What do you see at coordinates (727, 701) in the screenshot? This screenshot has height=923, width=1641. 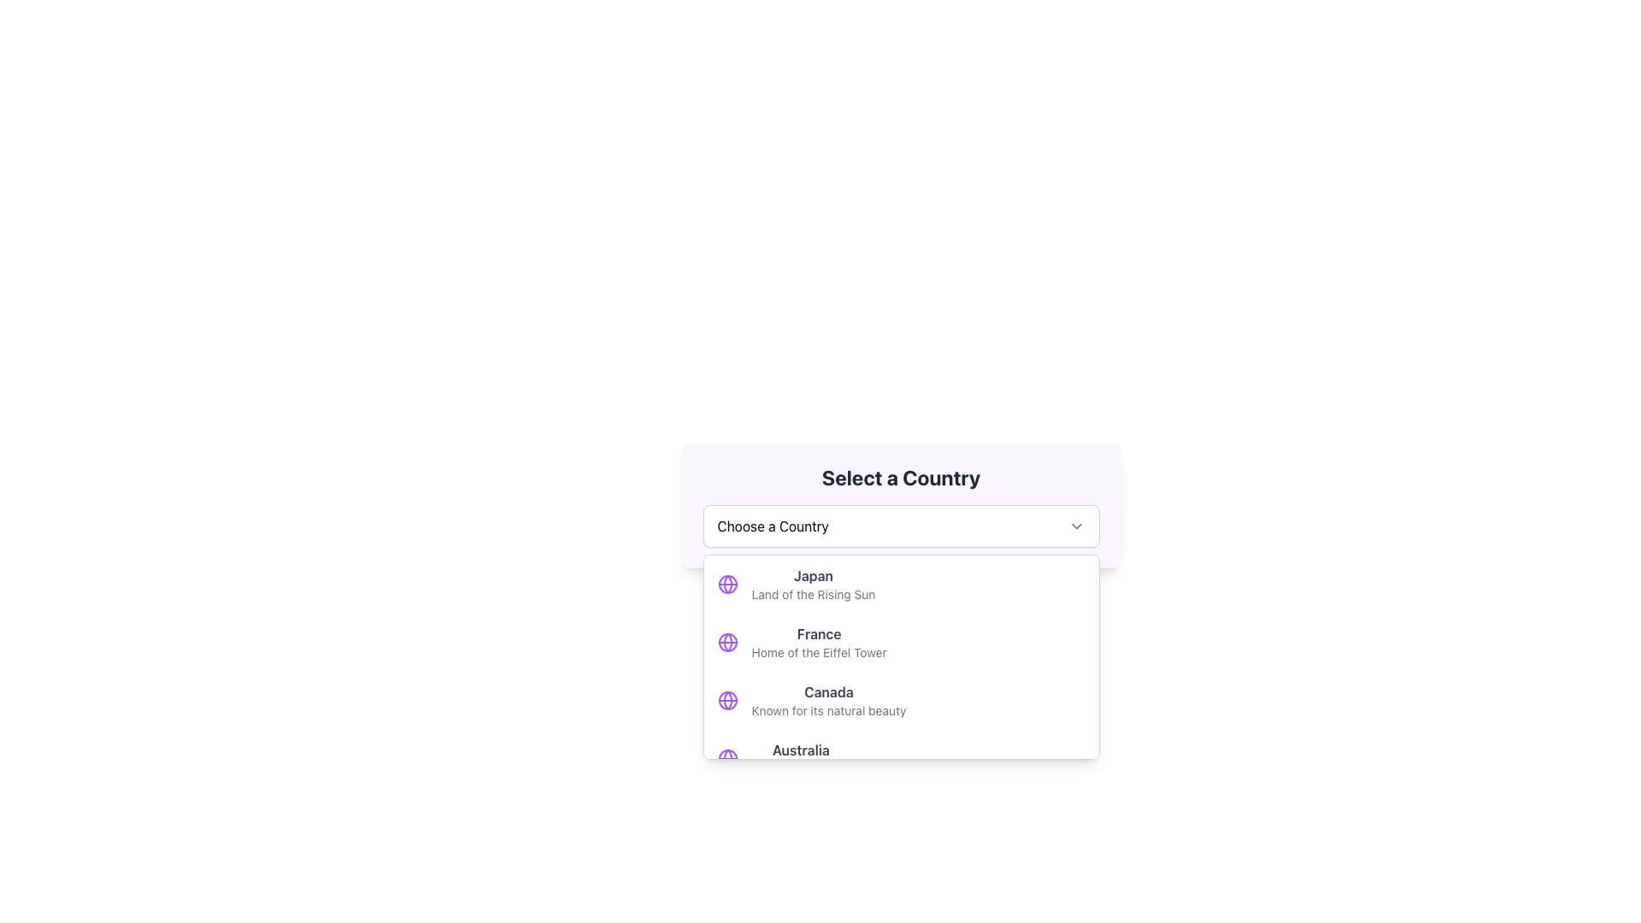 I see `the circular SVG graphic component that is part of the globe icon located to the left of the 'Japan' dropdown item` at bounding box center [727, 701].